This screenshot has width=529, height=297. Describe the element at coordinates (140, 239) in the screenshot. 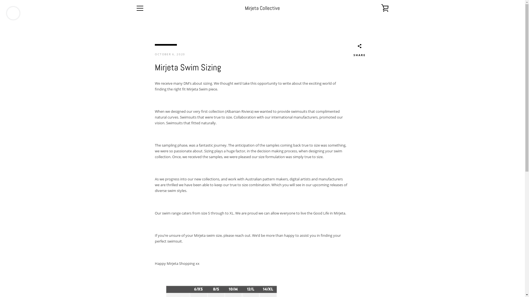

I see `'FAQ'S'` at that location.